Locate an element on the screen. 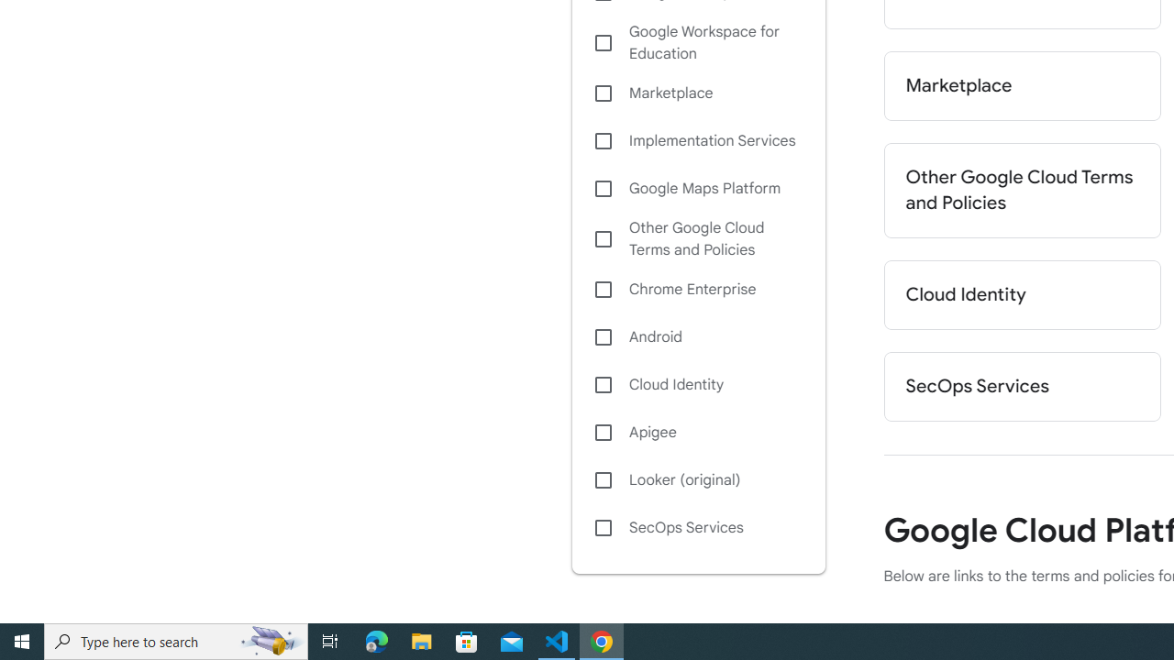 The width and height of the screenshot is (1174, 660). 'Google Workspace for Education' is located at coordinates (697, 42).